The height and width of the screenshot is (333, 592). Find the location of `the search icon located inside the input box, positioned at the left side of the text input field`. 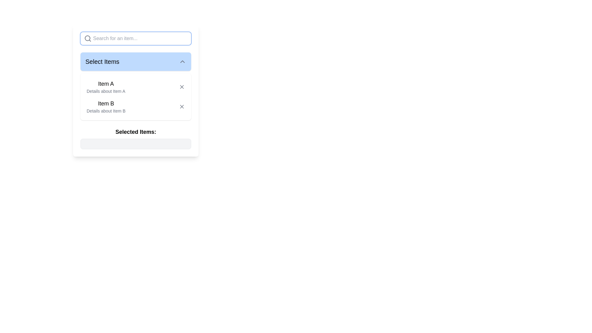

the search icon located inside the input box, positioned at the left side of the text input field is located at coordinates (87, 38).